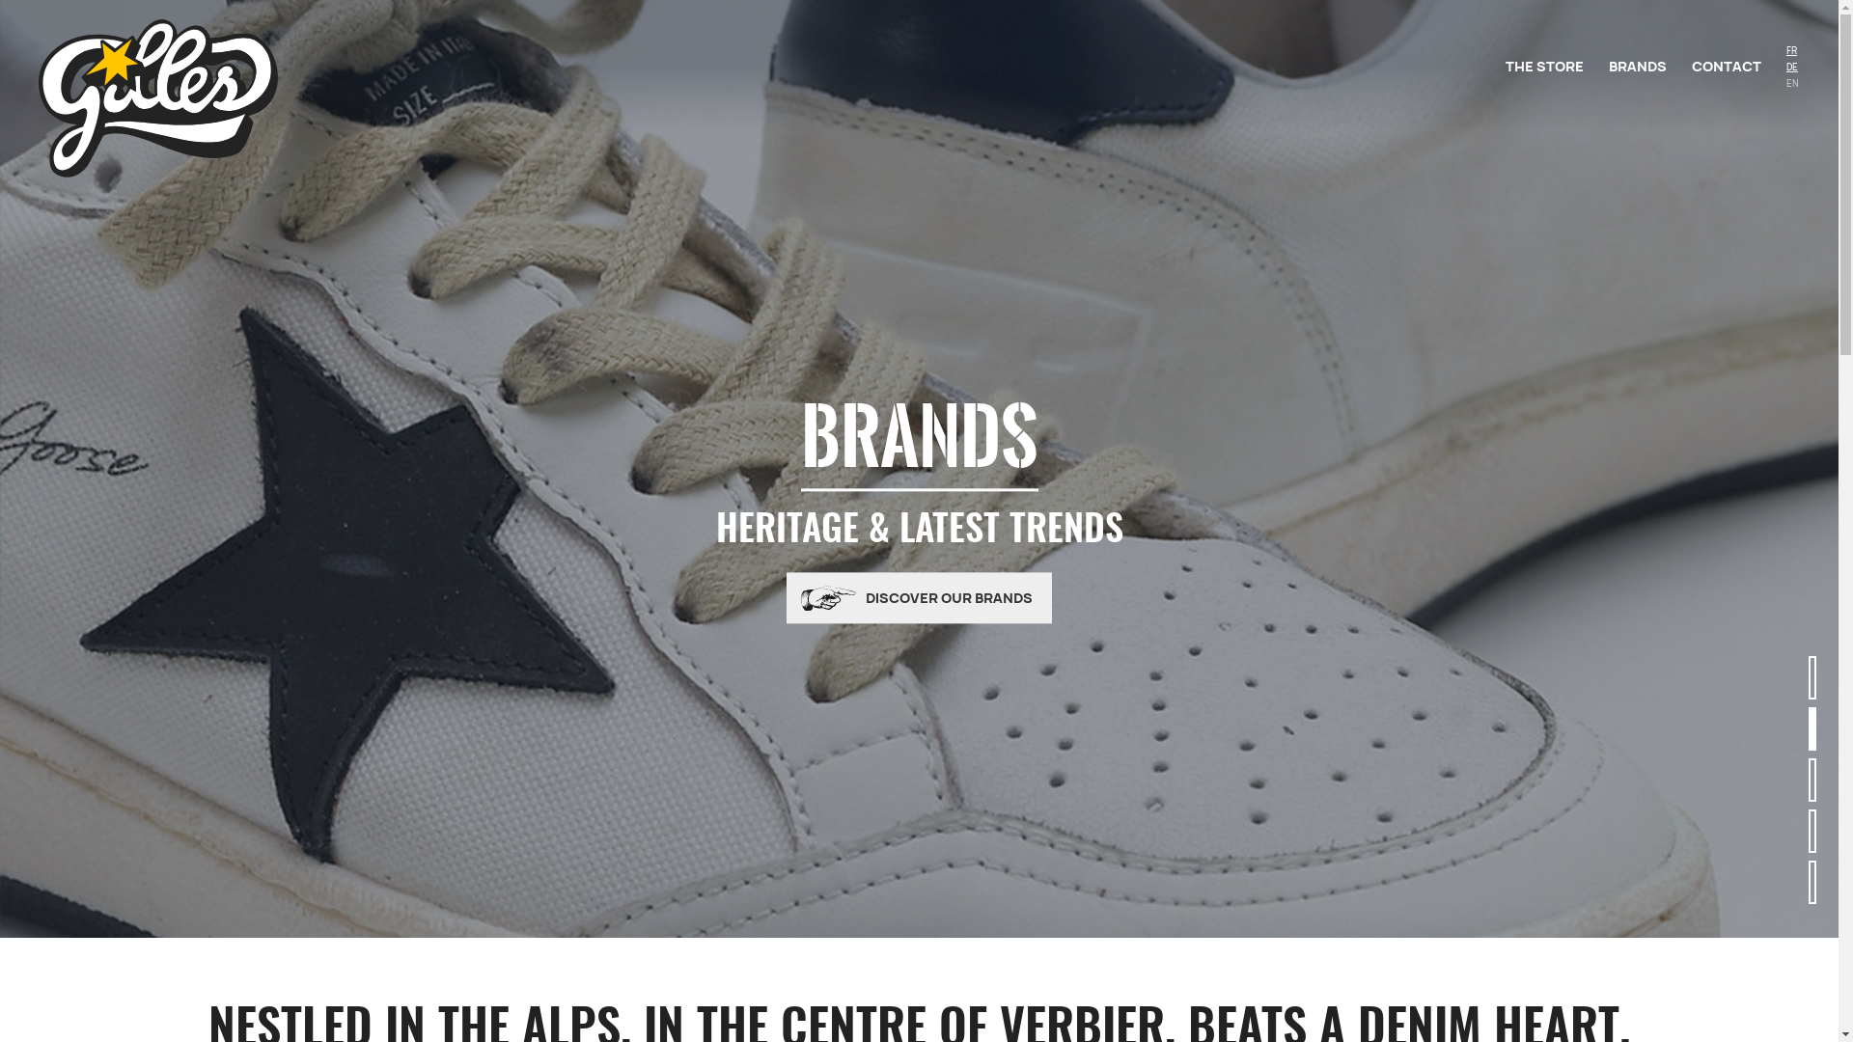  I want to click on 'EN', so click(1785, 82).